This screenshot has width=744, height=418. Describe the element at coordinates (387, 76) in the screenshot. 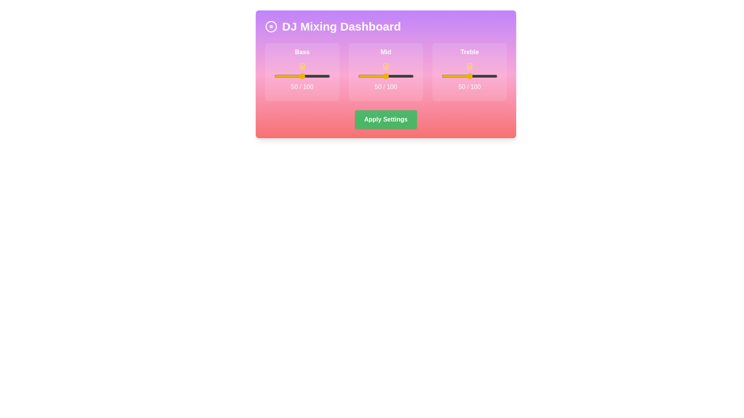

I see `the mid slider to set its value to 53` at that location.